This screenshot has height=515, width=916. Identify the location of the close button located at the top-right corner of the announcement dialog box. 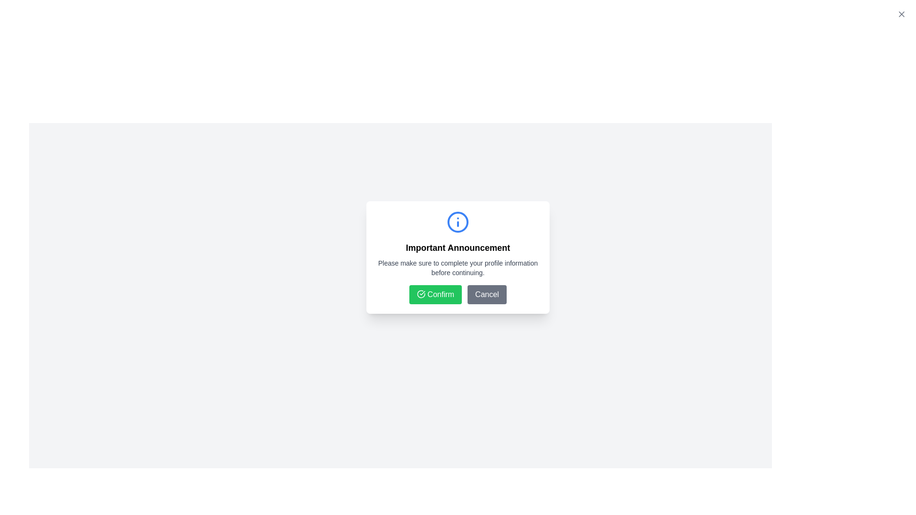
(901, 14).